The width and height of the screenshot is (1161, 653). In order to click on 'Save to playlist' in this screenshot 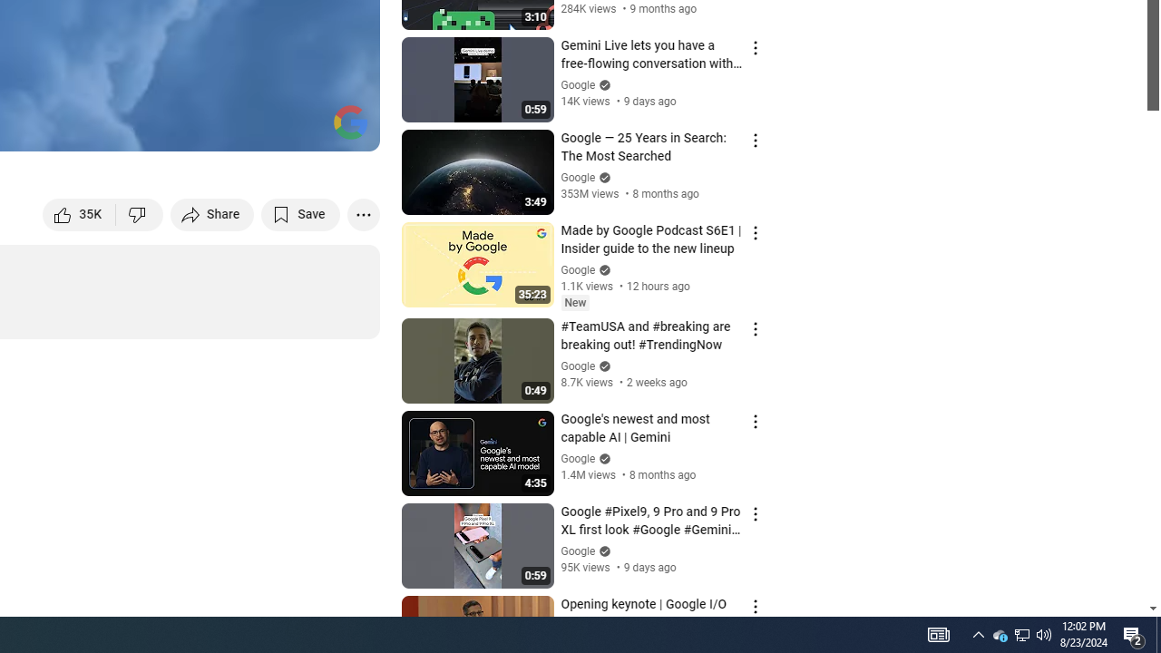, I will do `click(300, 213)`.